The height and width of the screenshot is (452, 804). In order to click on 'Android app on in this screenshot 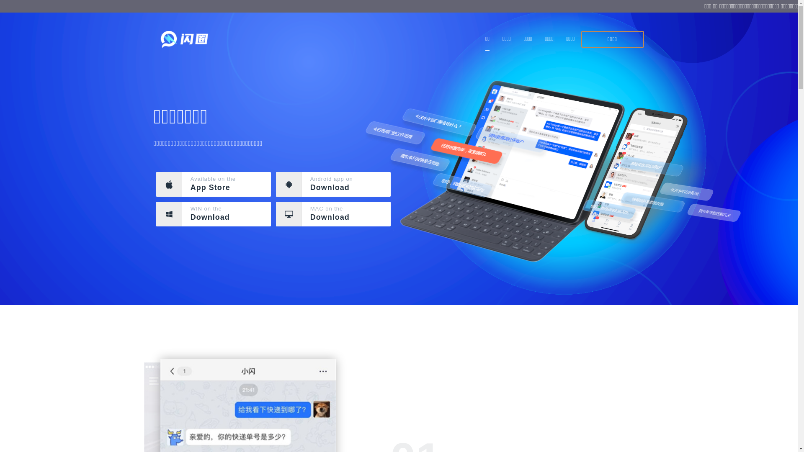, I will do `click(333, 184)`.